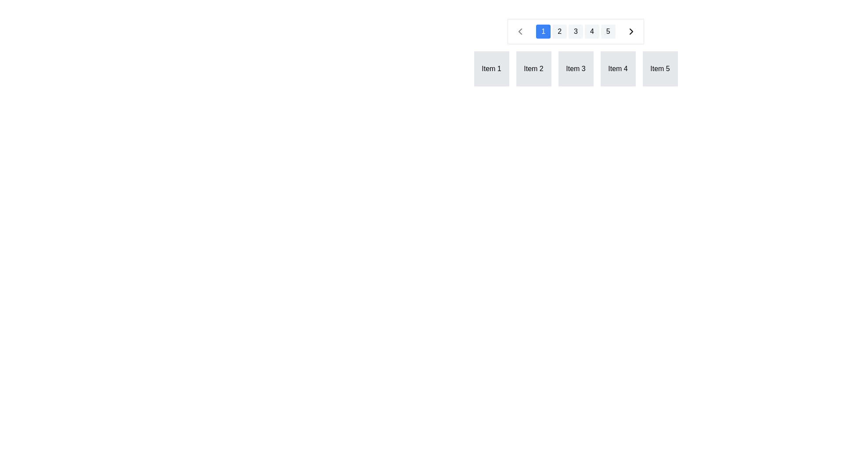  What do you see at coordinates (592, 31) in the screenshot?
I see `the navigational button that is the fourth in a row of five buttons, positioned between the buttons labeled '3' and '5', to change its color` at bounding box center [592, 31].